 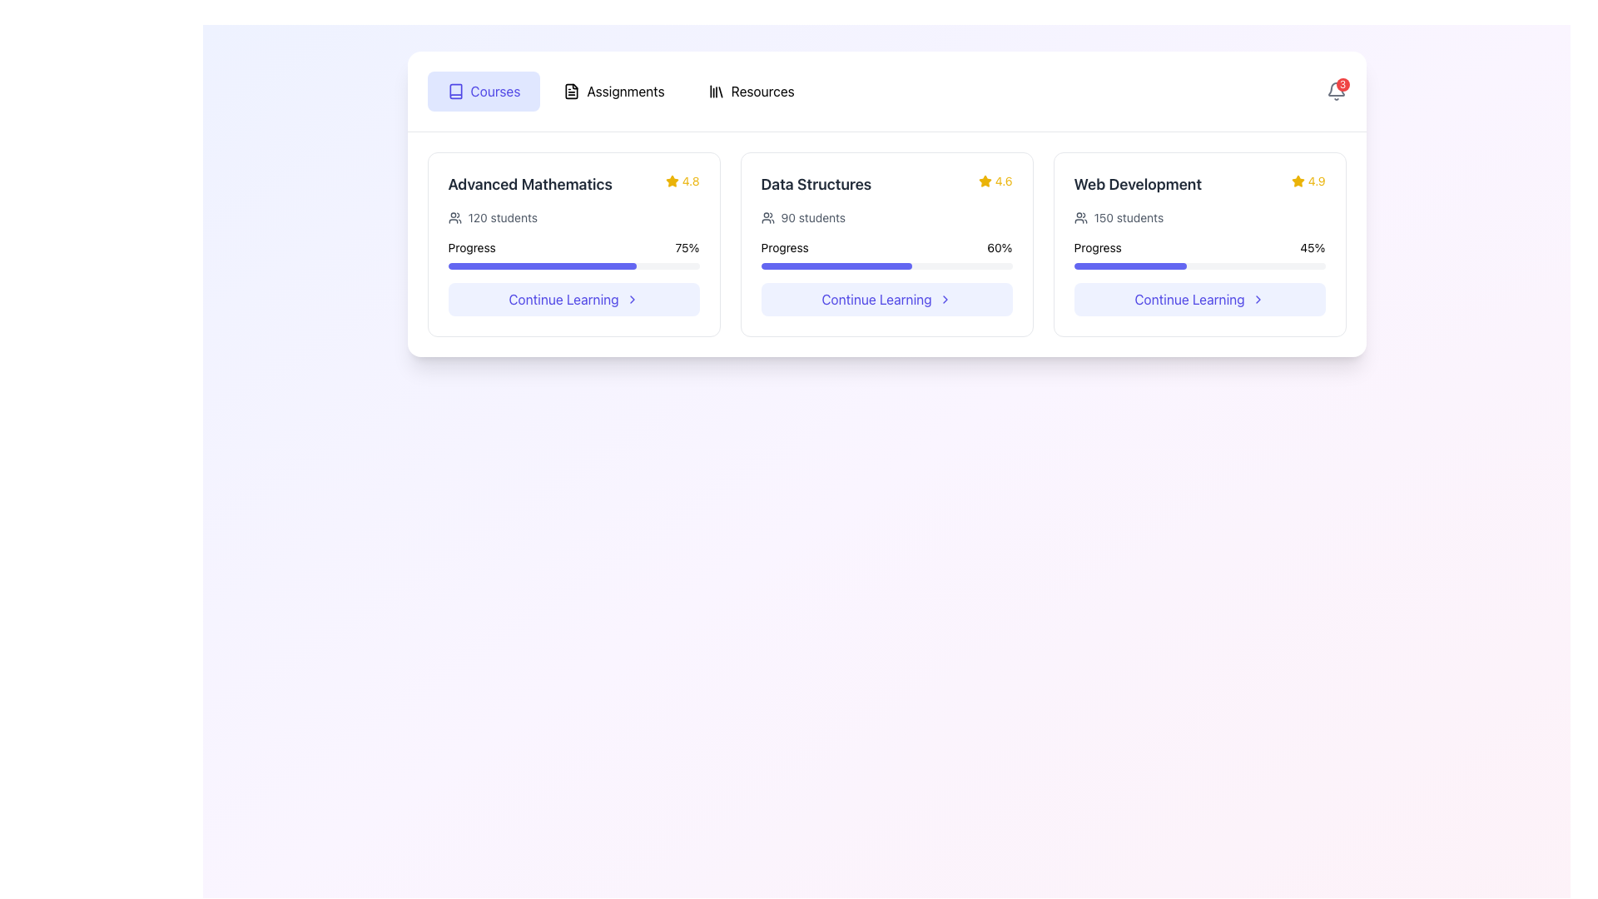 I want to click on the rating display component, which consists of a yellow star icon and the numeric rating '4.8', positioned to the right of the title 'Advanced Mathematics' in the top-right corner of the card, so click(x=682, y=181).